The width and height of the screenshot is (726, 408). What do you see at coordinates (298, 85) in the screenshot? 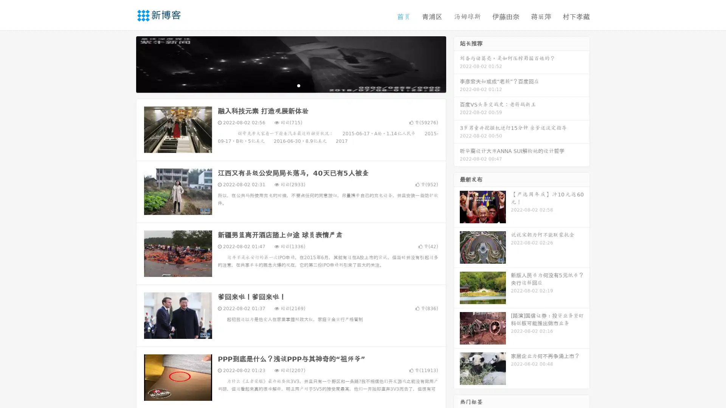
I see `Go to slide 3` at bounding box center [298, 85].